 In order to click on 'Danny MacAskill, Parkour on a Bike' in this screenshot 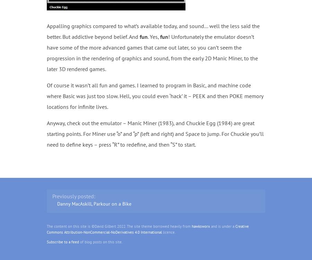, I will do `click(57, 203)`.